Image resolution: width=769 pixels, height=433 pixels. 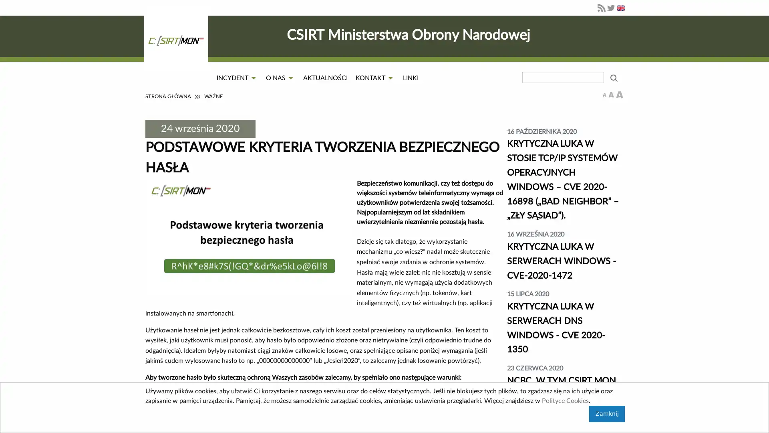 I want to click on wyszukaj, so click(x=613, y=77).